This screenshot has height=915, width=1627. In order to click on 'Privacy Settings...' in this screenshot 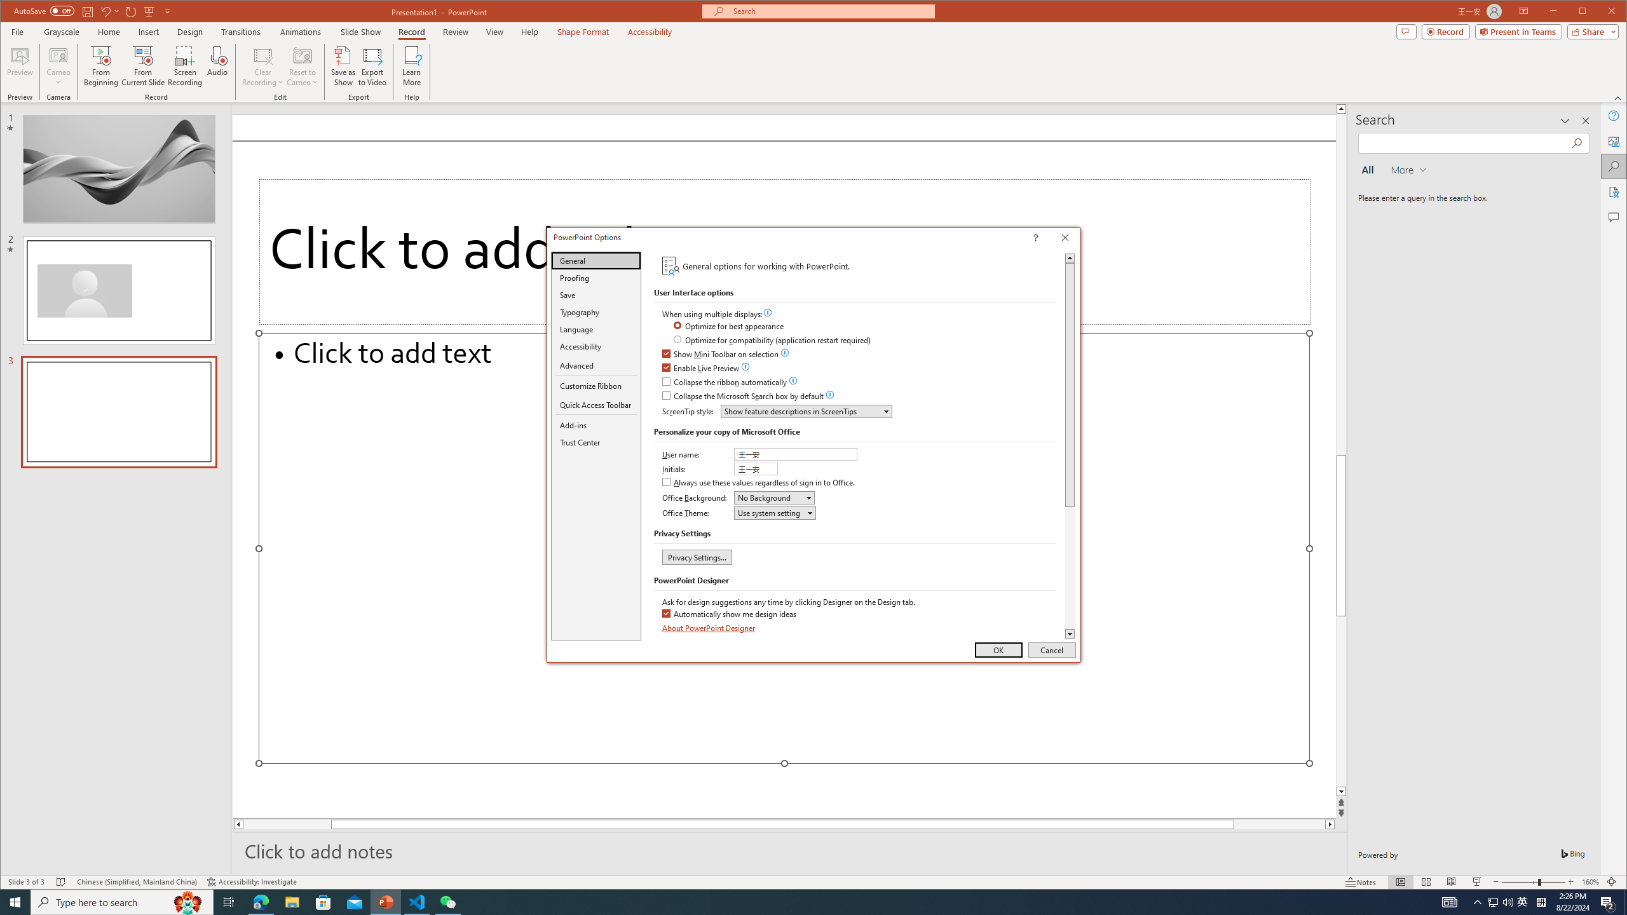, I will do `click(697, 557)`.